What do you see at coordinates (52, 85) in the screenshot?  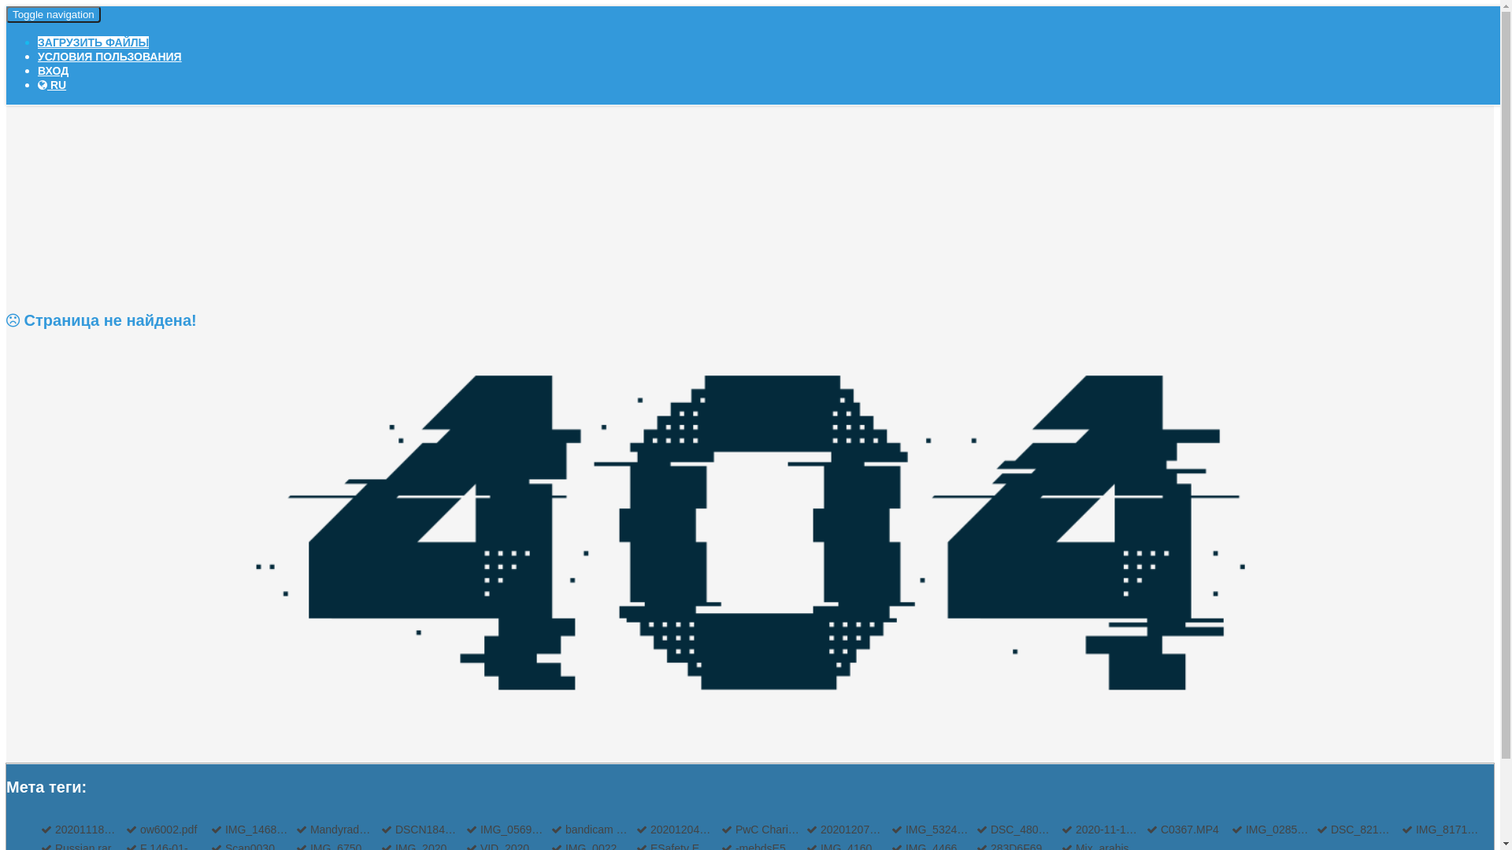 I see `'RU'` at bounding box center [52, 85].